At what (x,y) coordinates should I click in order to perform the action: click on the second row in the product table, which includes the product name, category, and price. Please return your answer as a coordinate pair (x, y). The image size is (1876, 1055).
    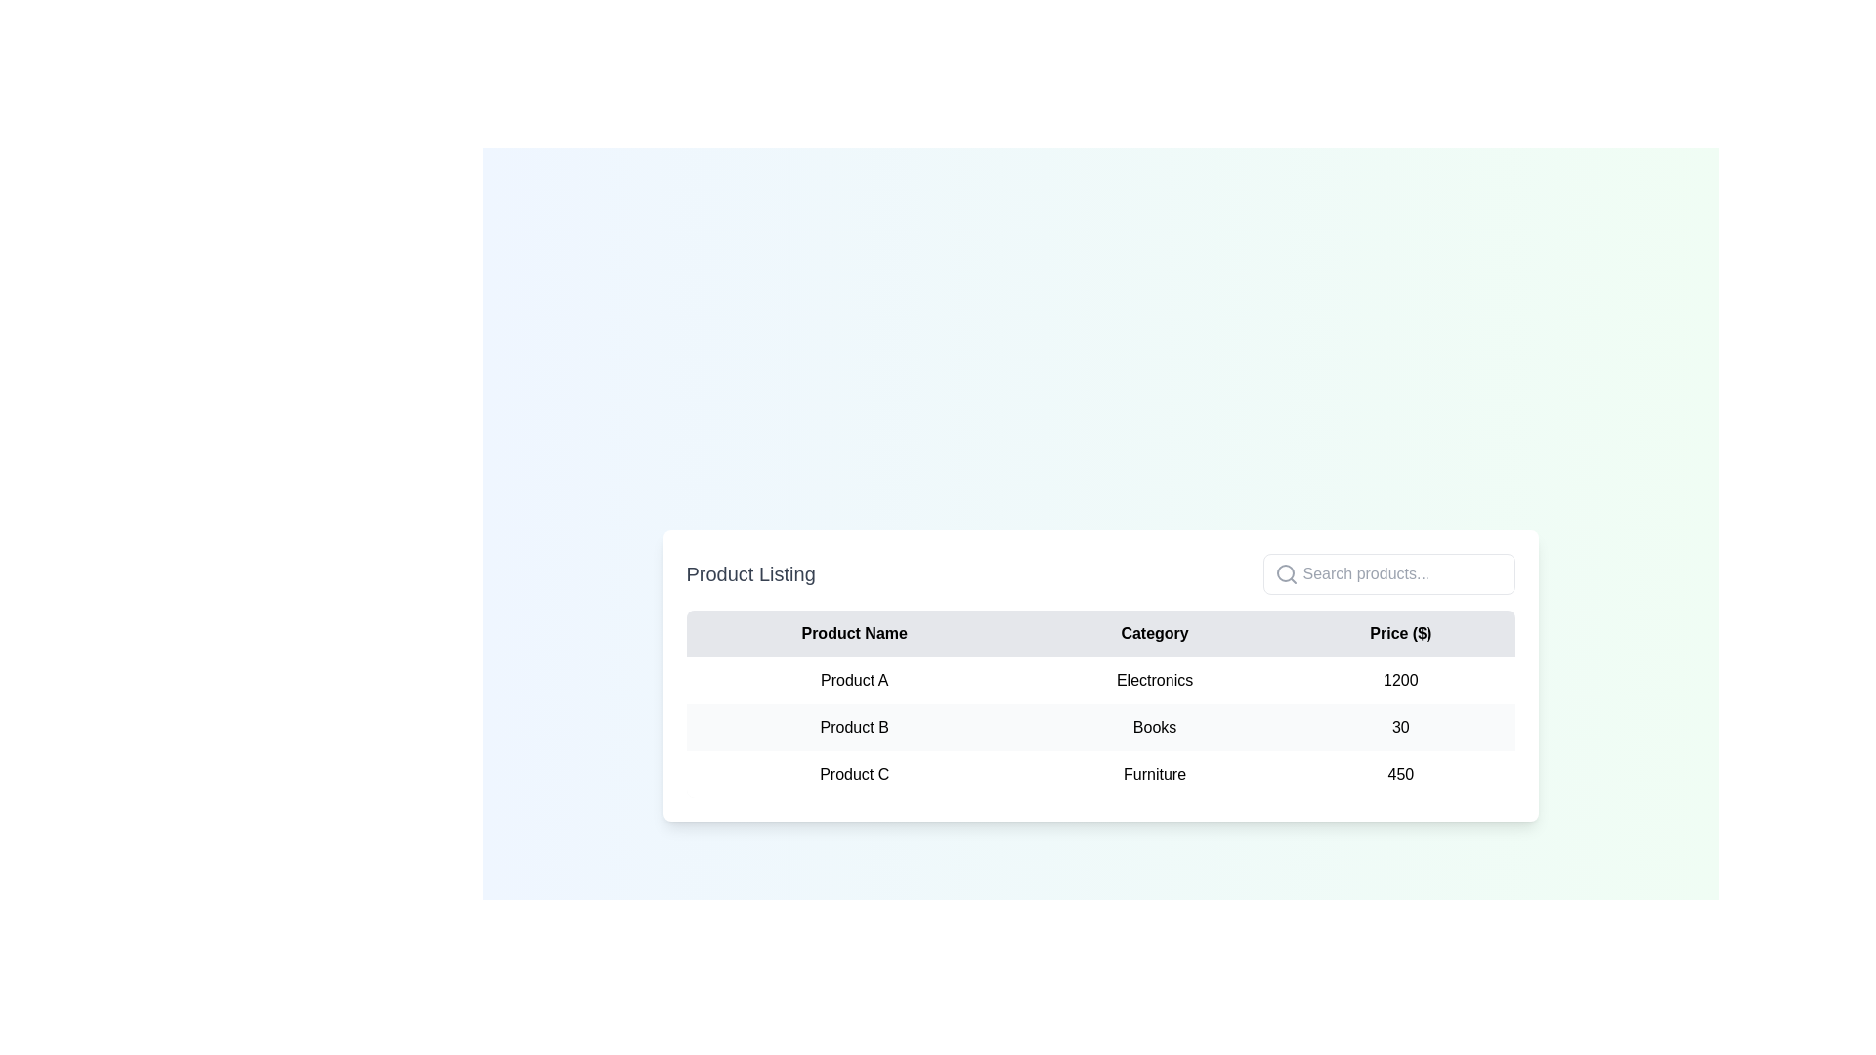
    Looking at the image, I should click on (1100, 727).